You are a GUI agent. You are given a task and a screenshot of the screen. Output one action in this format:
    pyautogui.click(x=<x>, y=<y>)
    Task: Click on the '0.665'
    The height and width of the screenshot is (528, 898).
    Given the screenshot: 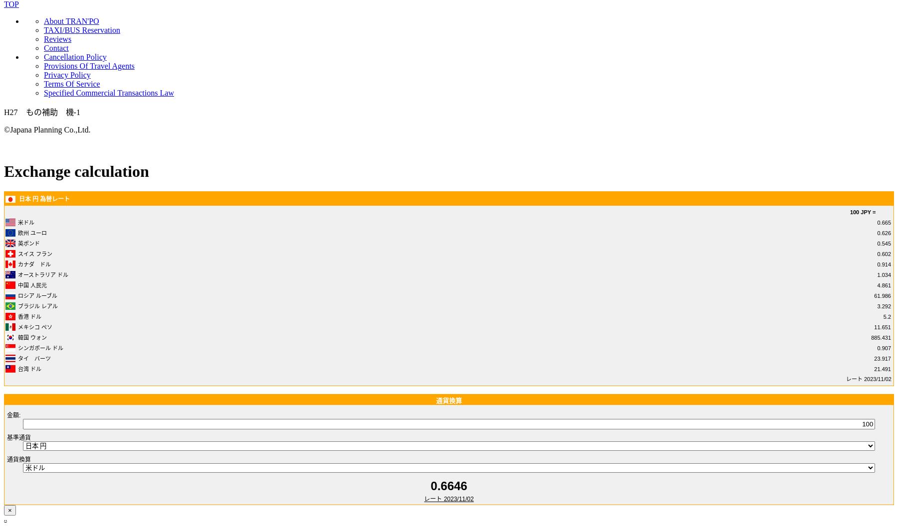 What is the action you would take?
    pyautogui.click(x=877, y=222)
    